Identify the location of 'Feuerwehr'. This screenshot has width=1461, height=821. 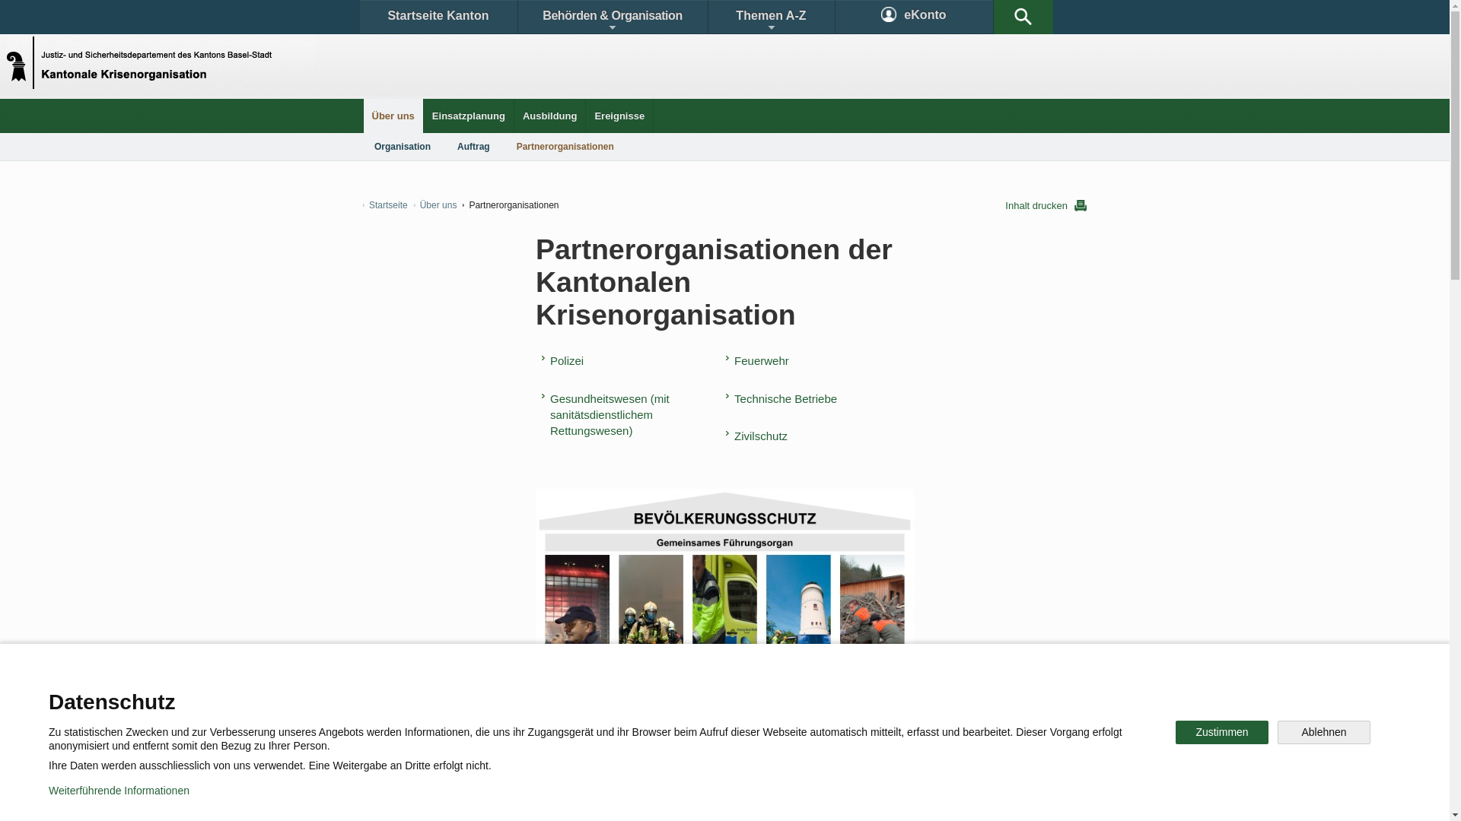
(761, 360).